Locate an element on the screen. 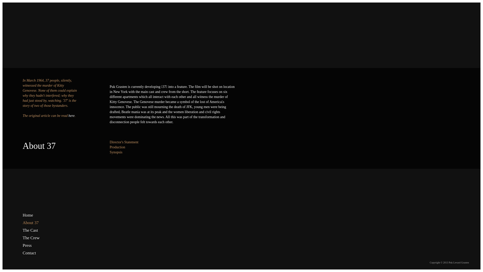 This screenshot has height=272, width=483. 'The Crew' is located at coordinates (36, 238).